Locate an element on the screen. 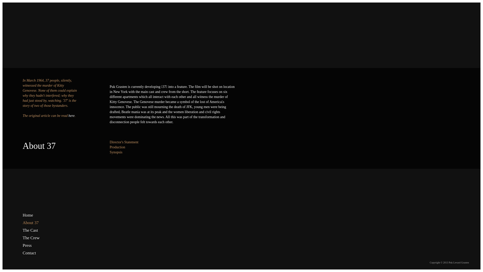 This screenshot has height=272, width=483. 'The Crew' is located at coordinates (36, 238).